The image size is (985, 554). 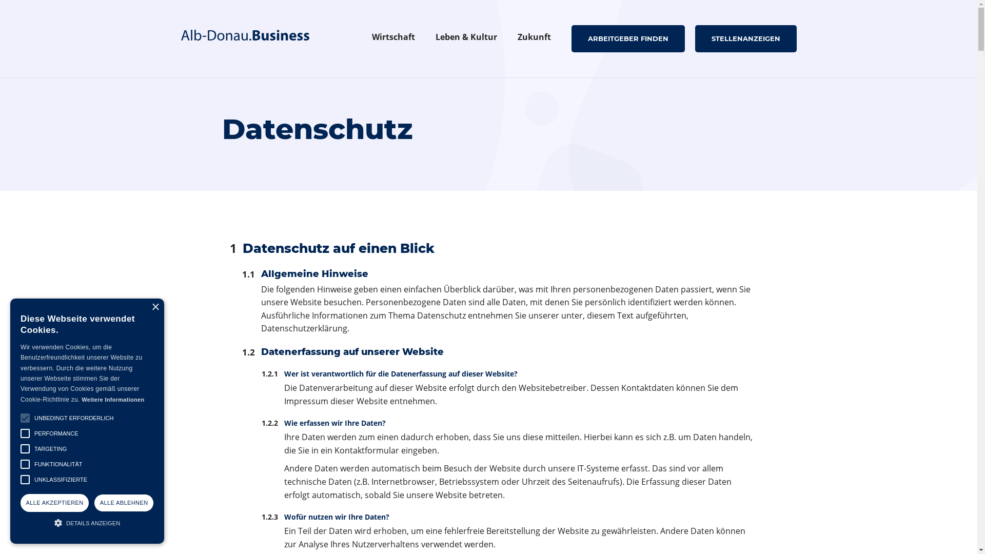 What do you see at coordinates (627, 37) in the screenshot?
I see `'ARBEITGEBER FINDEN'` at bounding box center [627, 37].